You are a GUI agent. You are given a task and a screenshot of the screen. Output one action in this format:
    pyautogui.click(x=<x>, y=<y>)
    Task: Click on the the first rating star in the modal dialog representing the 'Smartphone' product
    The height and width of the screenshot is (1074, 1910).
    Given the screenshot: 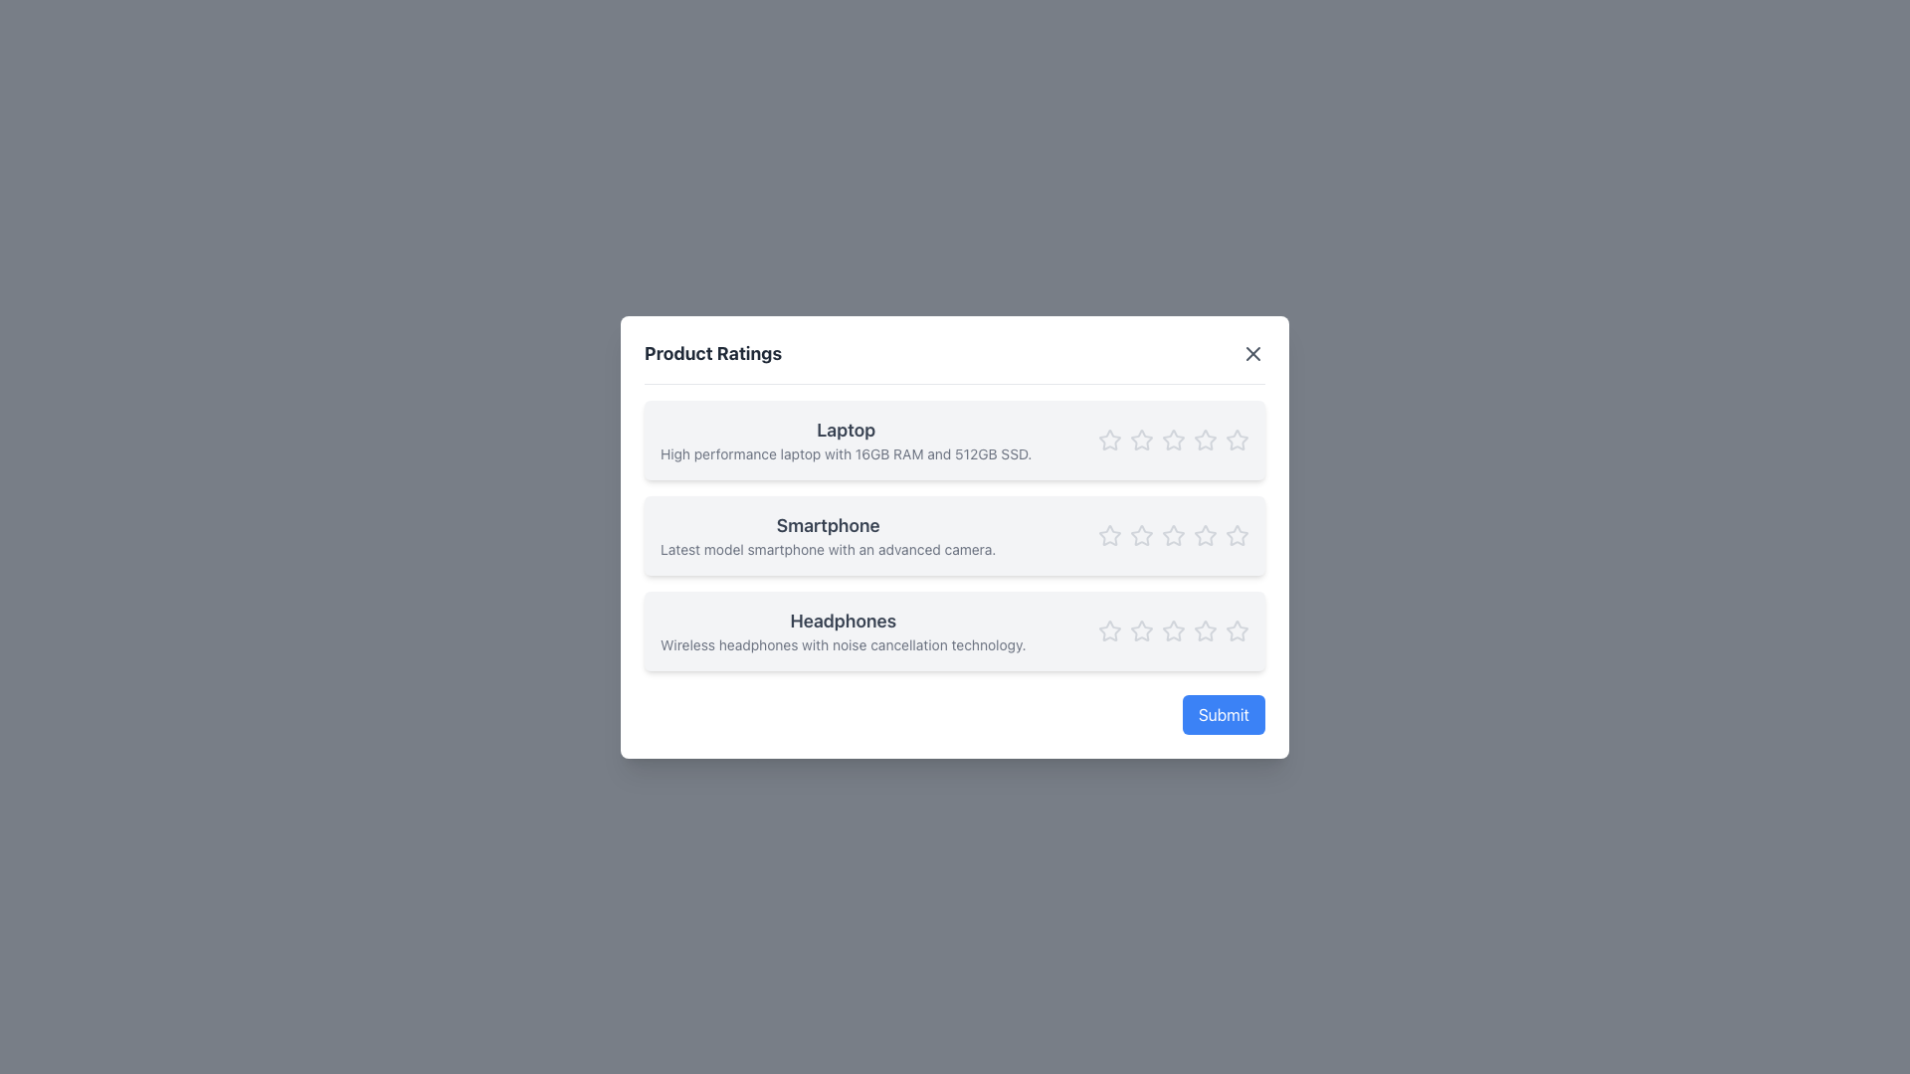 What is the action you would take?
    pyautogui.click(x=1109, y=534)
    